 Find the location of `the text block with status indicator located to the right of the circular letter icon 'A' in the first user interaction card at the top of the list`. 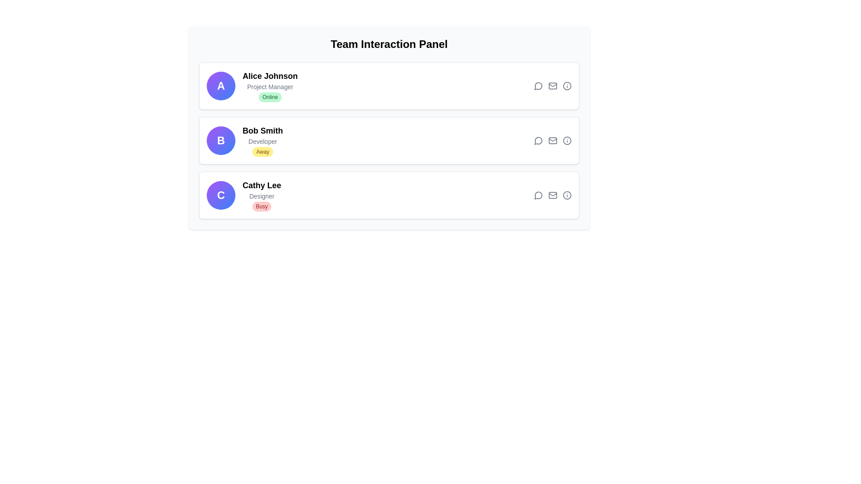

the text block with status indicator located to the right of the circular letter icon 'A' in the first user interaction card at the top of the list is located at coordinates (270, 86).